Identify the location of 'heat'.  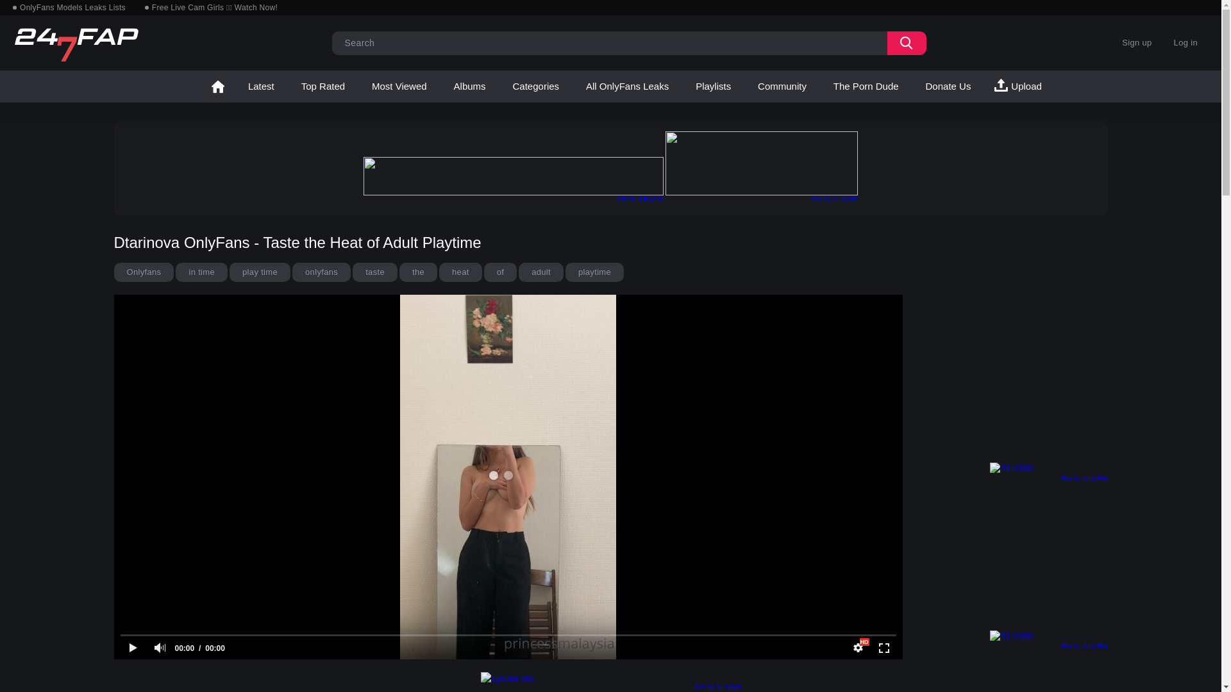
(439, 271).